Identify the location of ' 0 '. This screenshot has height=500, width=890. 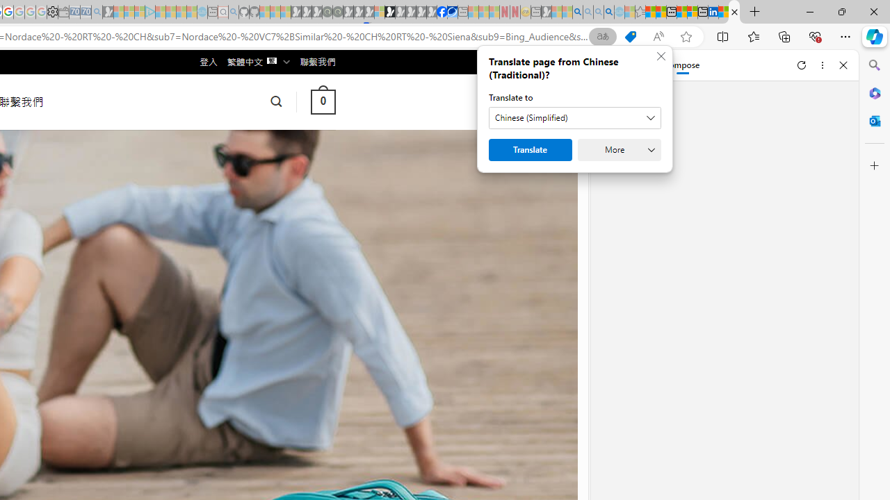
(322, 101).